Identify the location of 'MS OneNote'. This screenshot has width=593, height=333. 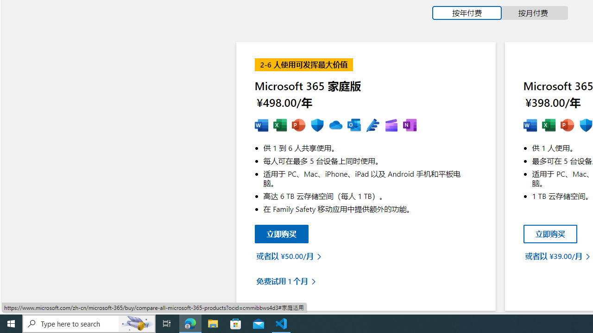
(409, 125).